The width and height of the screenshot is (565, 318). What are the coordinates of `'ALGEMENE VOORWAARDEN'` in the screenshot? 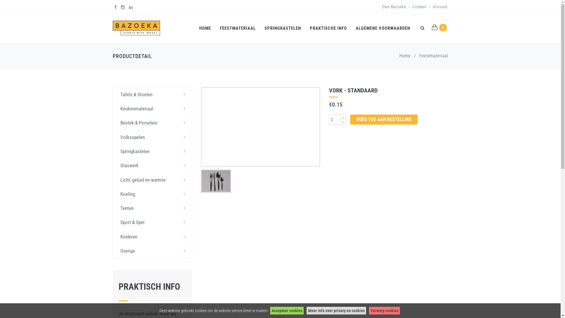 It's located at (383, 28).